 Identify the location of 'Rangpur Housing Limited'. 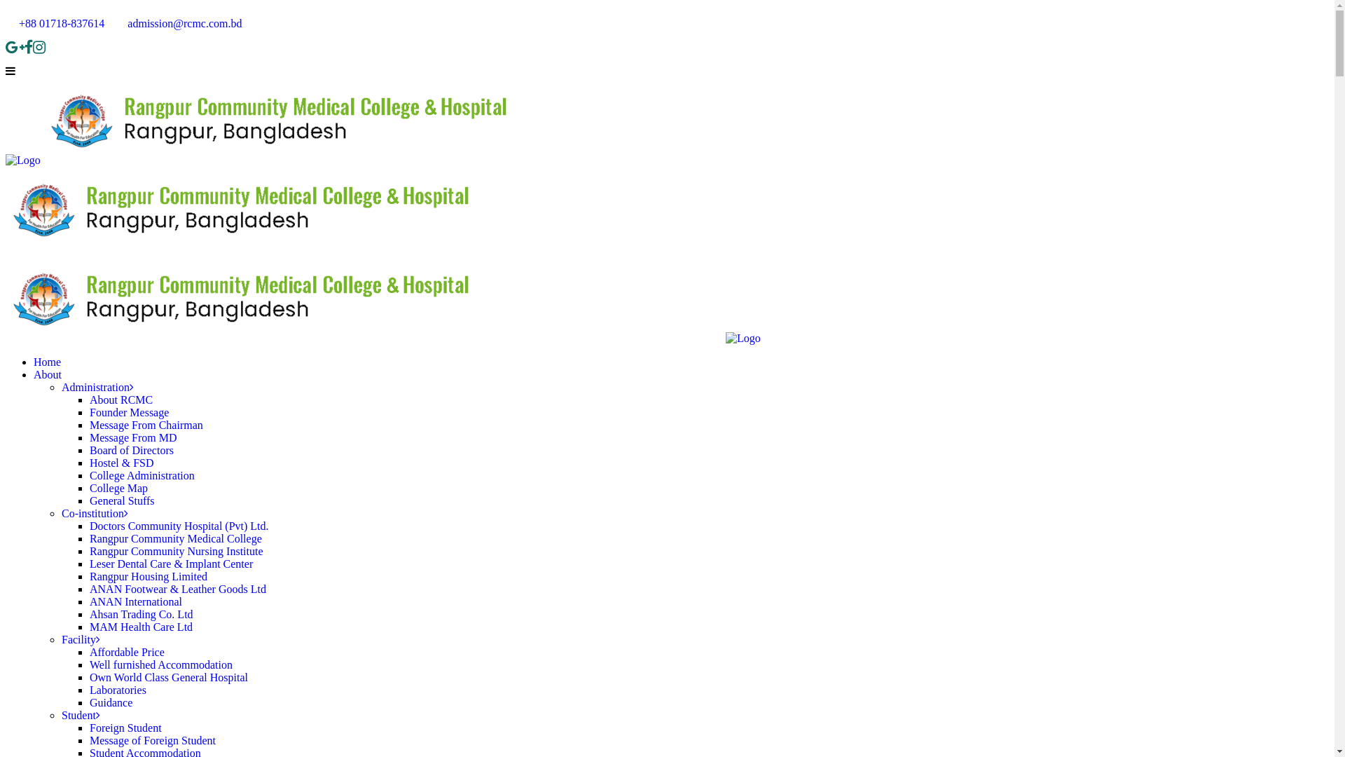
(148, 576).